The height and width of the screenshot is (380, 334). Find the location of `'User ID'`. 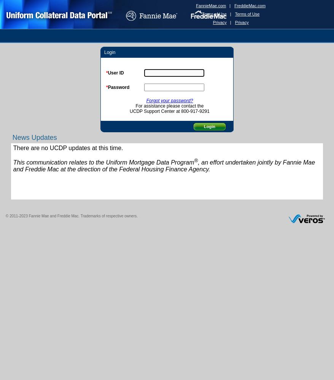

'User ID' is located at coordinates (116, 73).